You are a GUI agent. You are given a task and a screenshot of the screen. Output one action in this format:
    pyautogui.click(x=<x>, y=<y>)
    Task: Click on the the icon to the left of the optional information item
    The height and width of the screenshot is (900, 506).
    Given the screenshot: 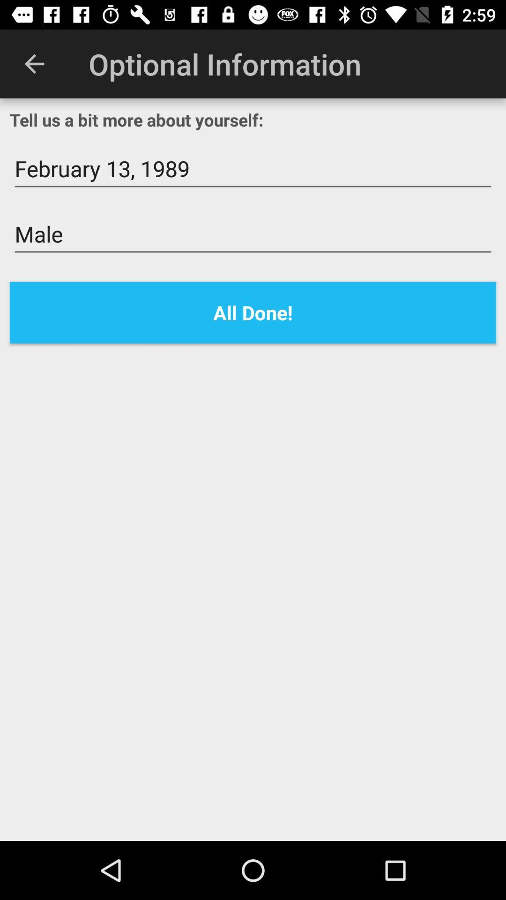 What is the action you would take?
    pyautogui.click(x=34, y=63)
    